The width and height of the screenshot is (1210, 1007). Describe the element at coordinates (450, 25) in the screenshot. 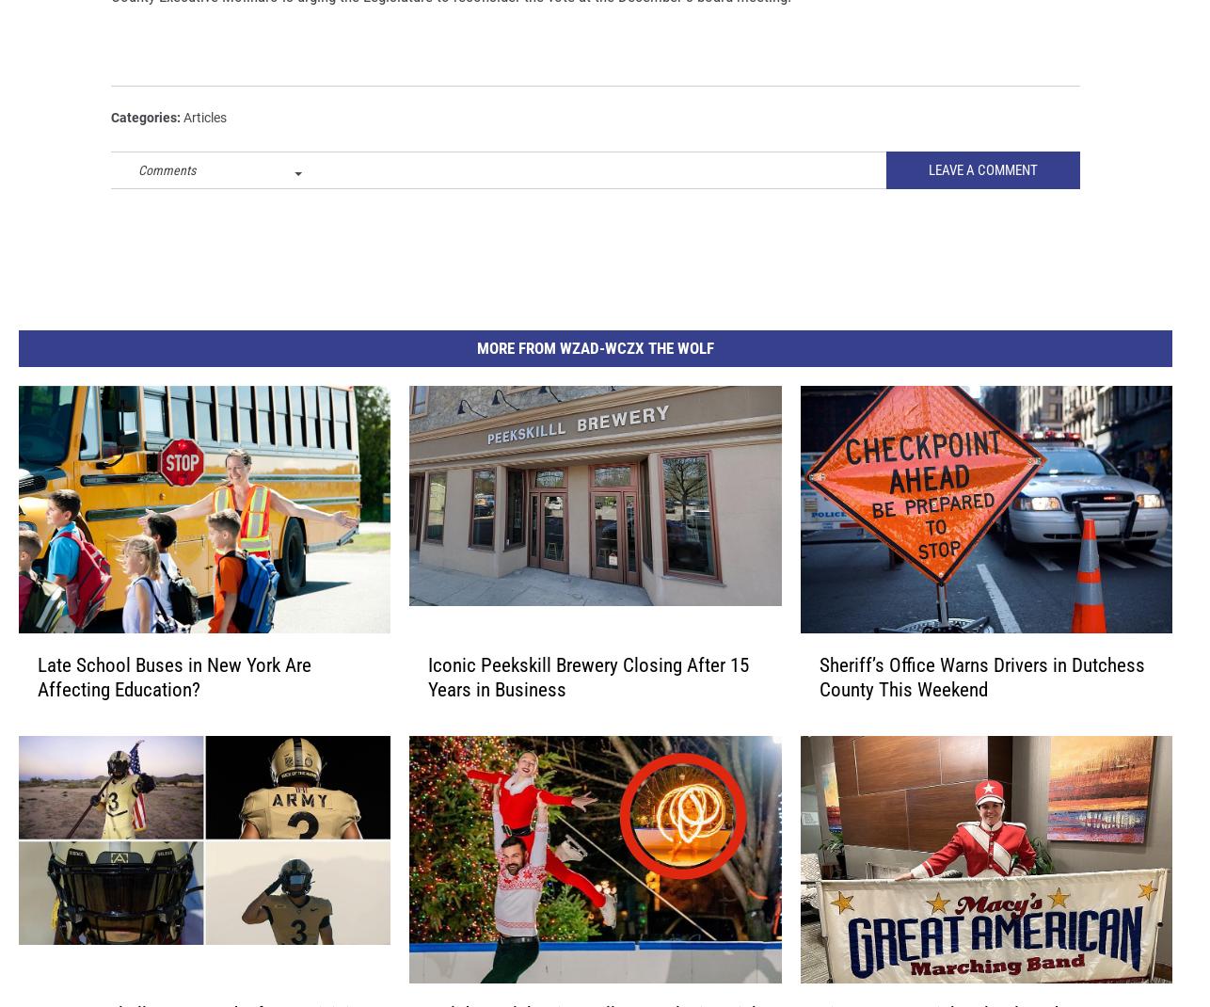

I see `'County Executive Molinaro is urging the Legislature to reconsider the vote at the December 3 board meeting.'` at that location.